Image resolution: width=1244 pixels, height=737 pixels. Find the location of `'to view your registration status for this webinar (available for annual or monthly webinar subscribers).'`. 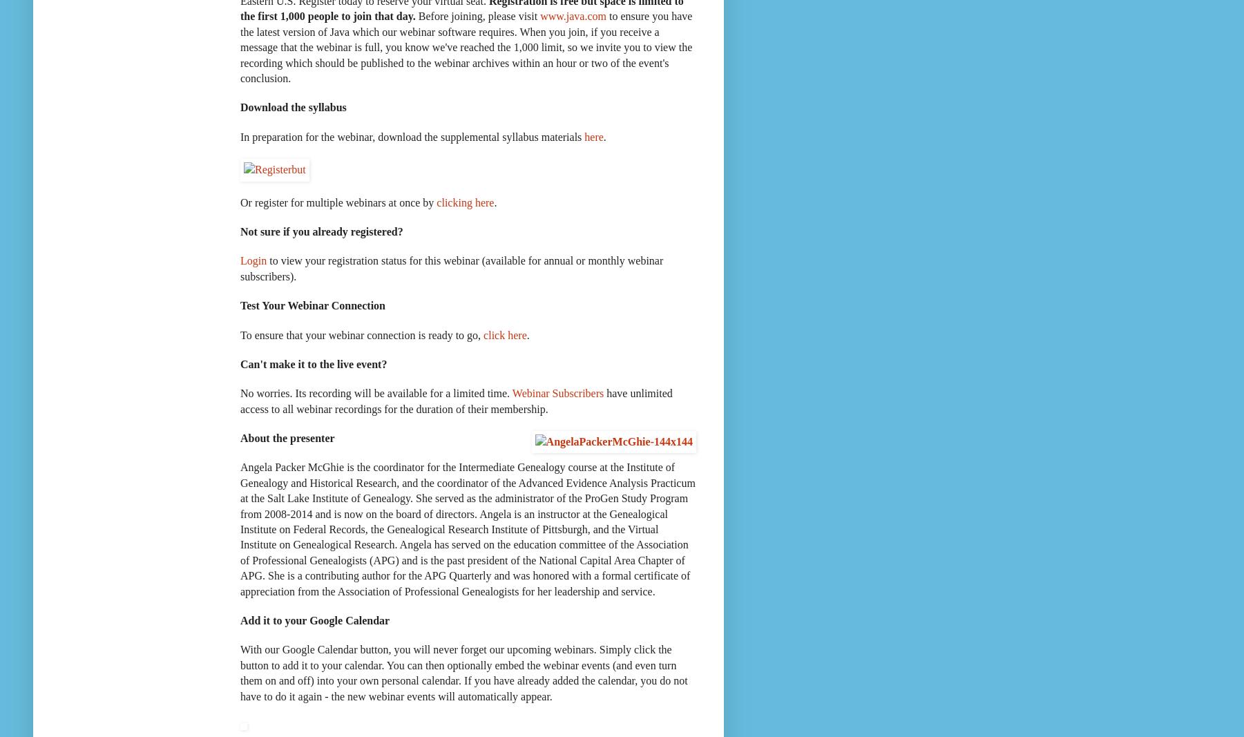

'to view your registration status for this webinar (available for annual or monthly webinar subscribers).' is located at coordinates (450, 267).